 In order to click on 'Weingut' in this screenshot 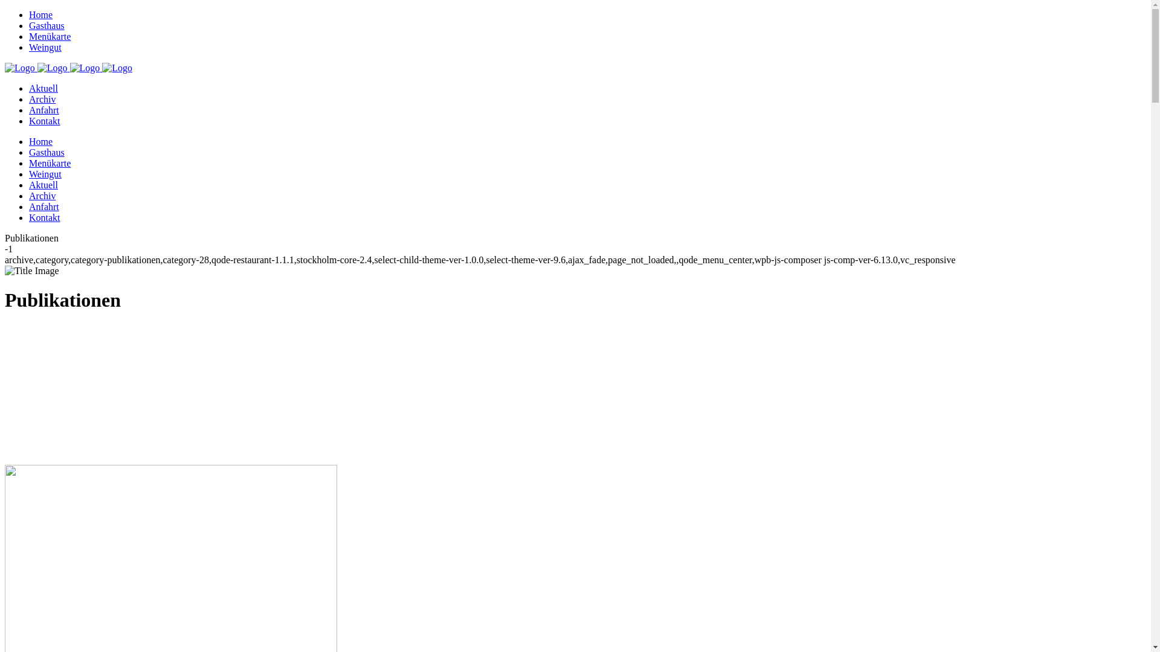, I will do `click(29, 174)`.